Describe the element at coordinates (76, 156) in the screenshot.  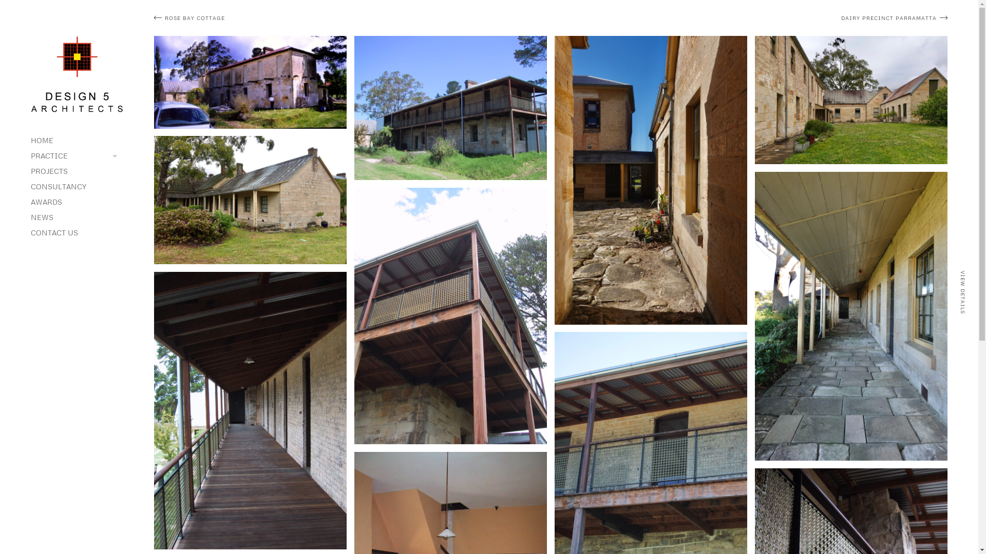
I see `'PRACTICE'` at that location.